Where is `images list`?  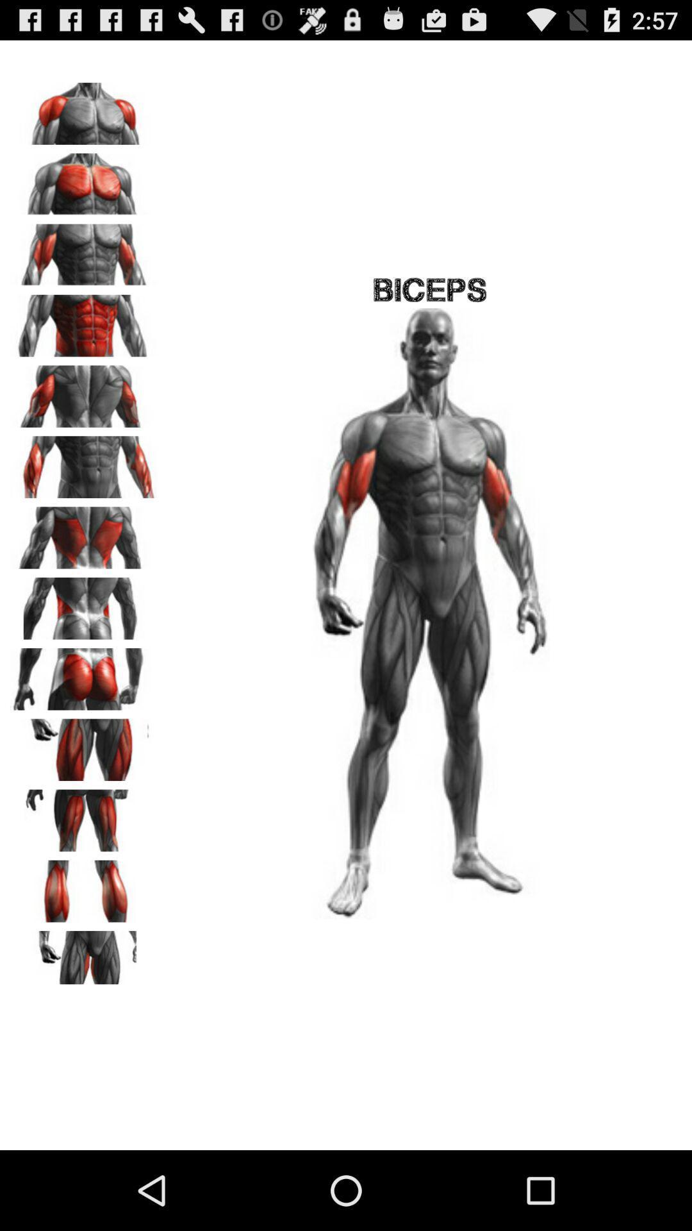 images list is located at coordinates (84, 533).